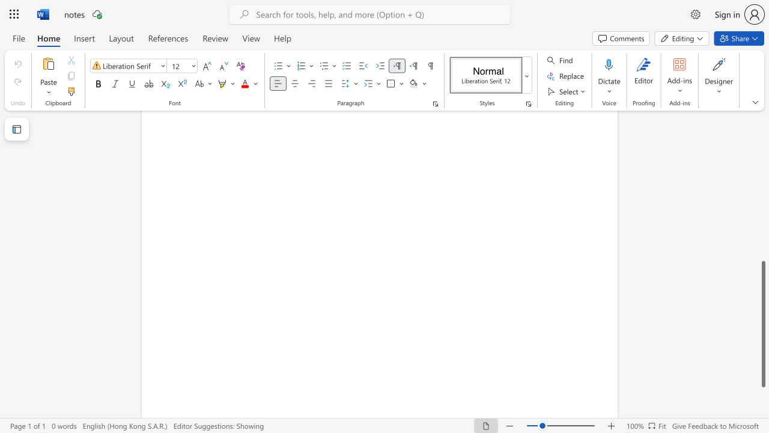 The width and height of the screenshot is (769, 433). What do you see at coordinates (762, 251) in the screenshot?
I see `the scrollbar on the right to move the page upward` at bounding box center [762, 251].